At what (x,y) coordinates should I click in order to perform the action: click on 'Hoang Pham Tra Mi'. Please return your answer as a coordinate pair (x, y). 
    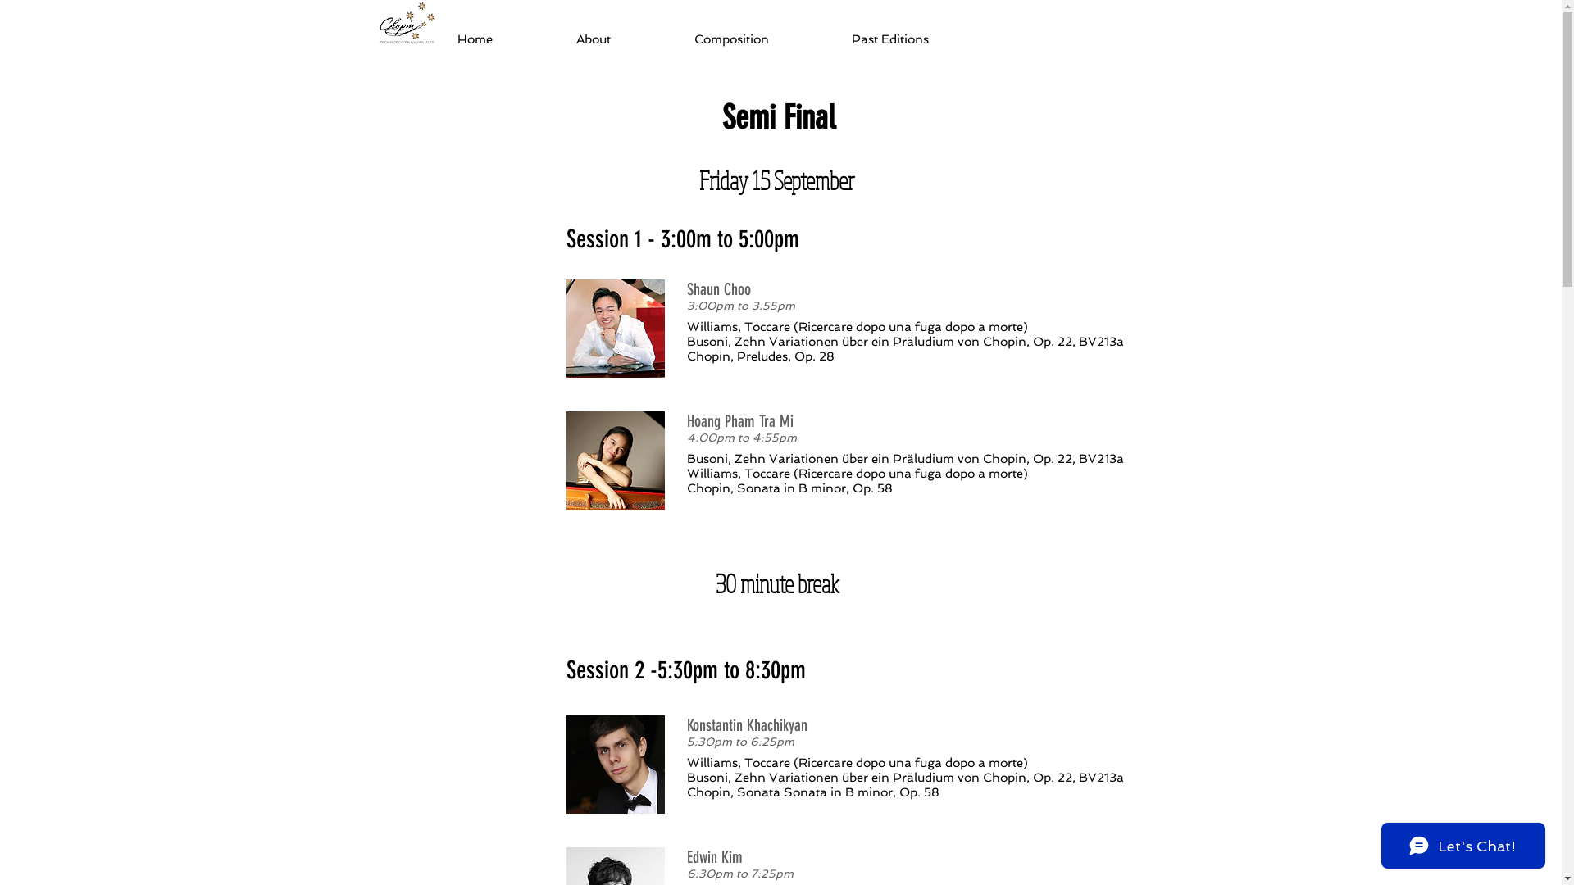
    Looking at the image, I should click on (613, 461).